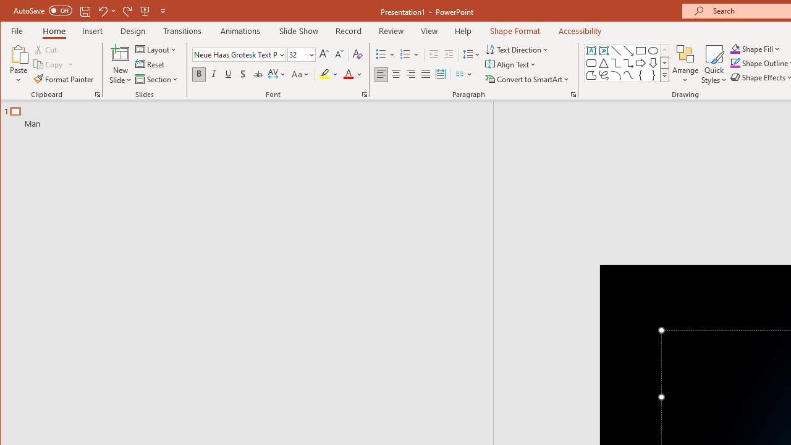  Describe the element at coordinates (352, 74) in the screenshot. I see `'Font Color'` at that location.